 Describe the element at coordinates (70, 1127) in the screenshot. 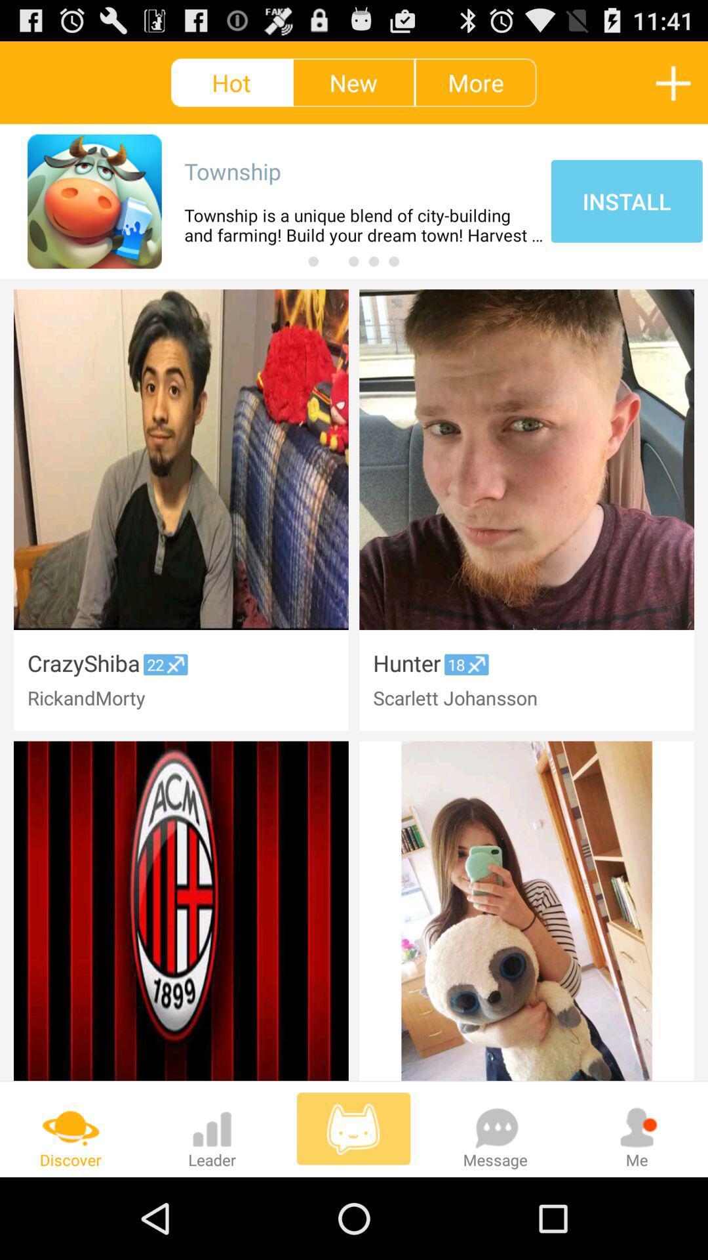

I see `the icon above discover` at that location.